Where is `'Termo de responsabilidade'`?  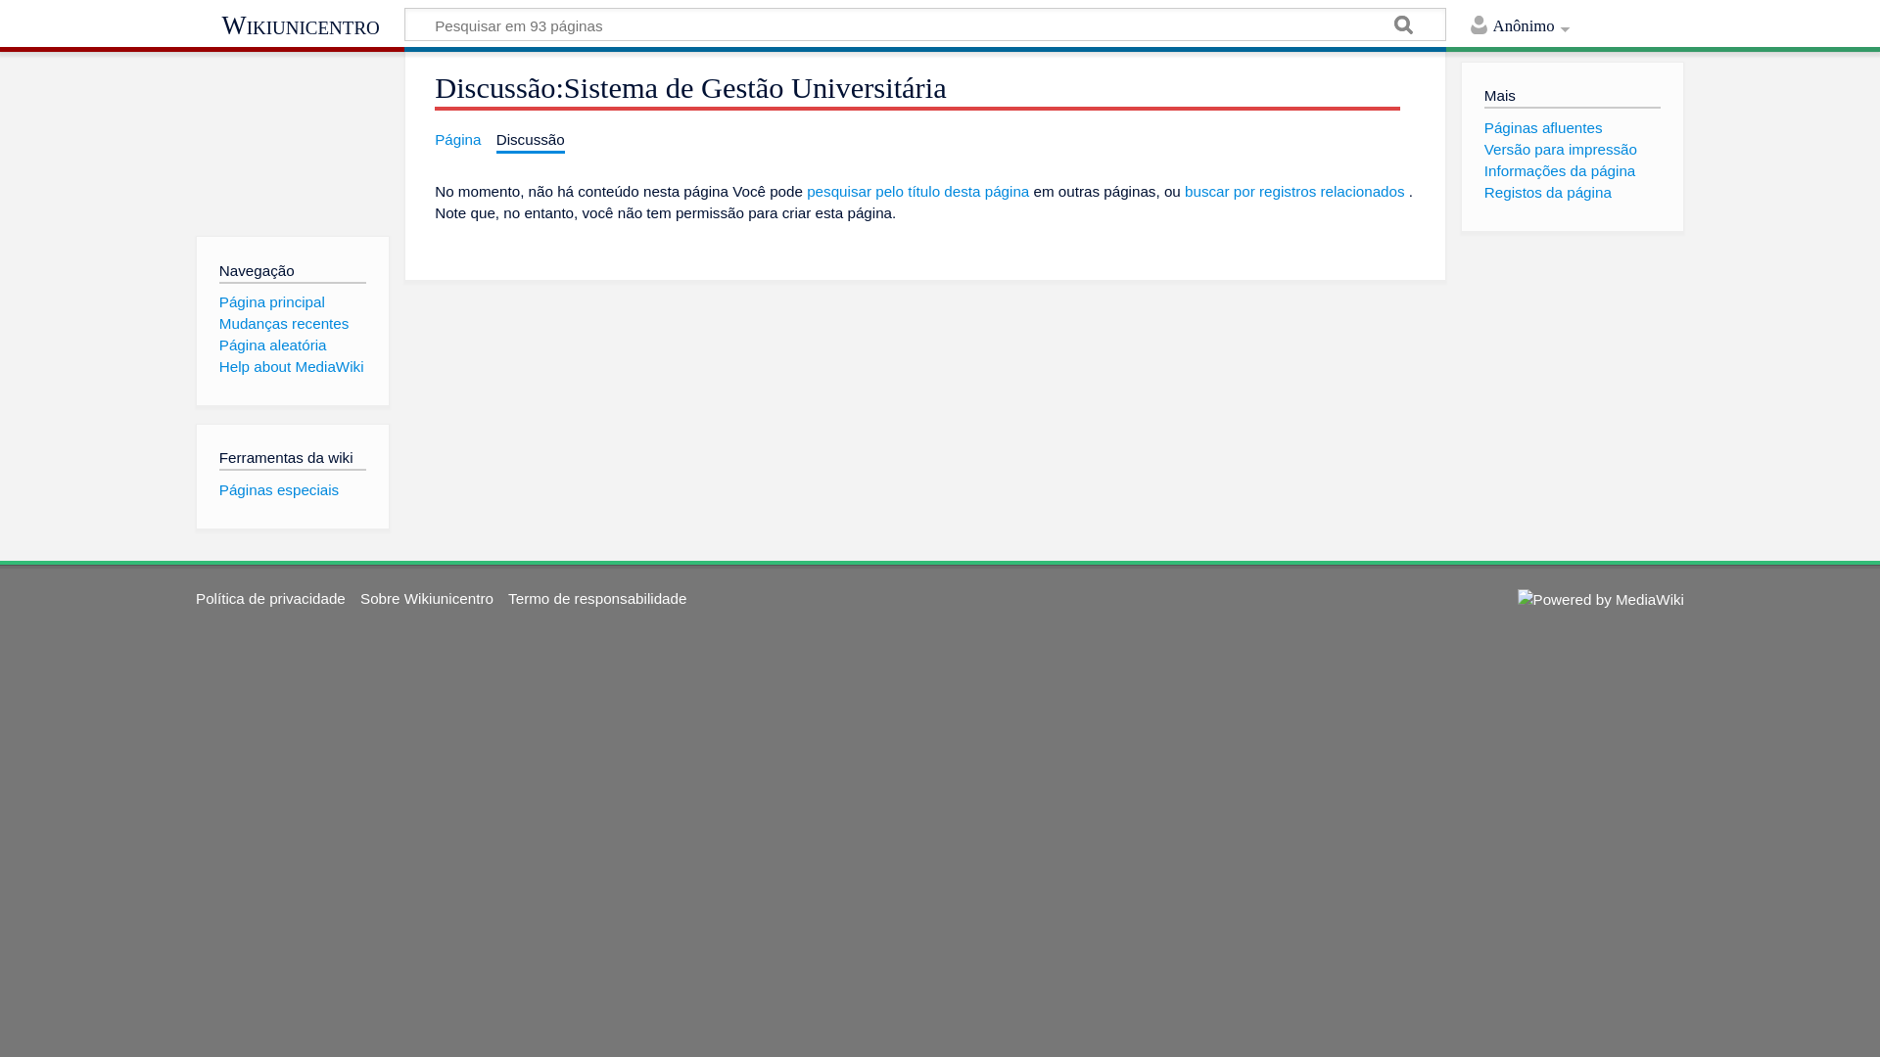
'Termo de responsabilidade' is located at coordinates (507, 597).